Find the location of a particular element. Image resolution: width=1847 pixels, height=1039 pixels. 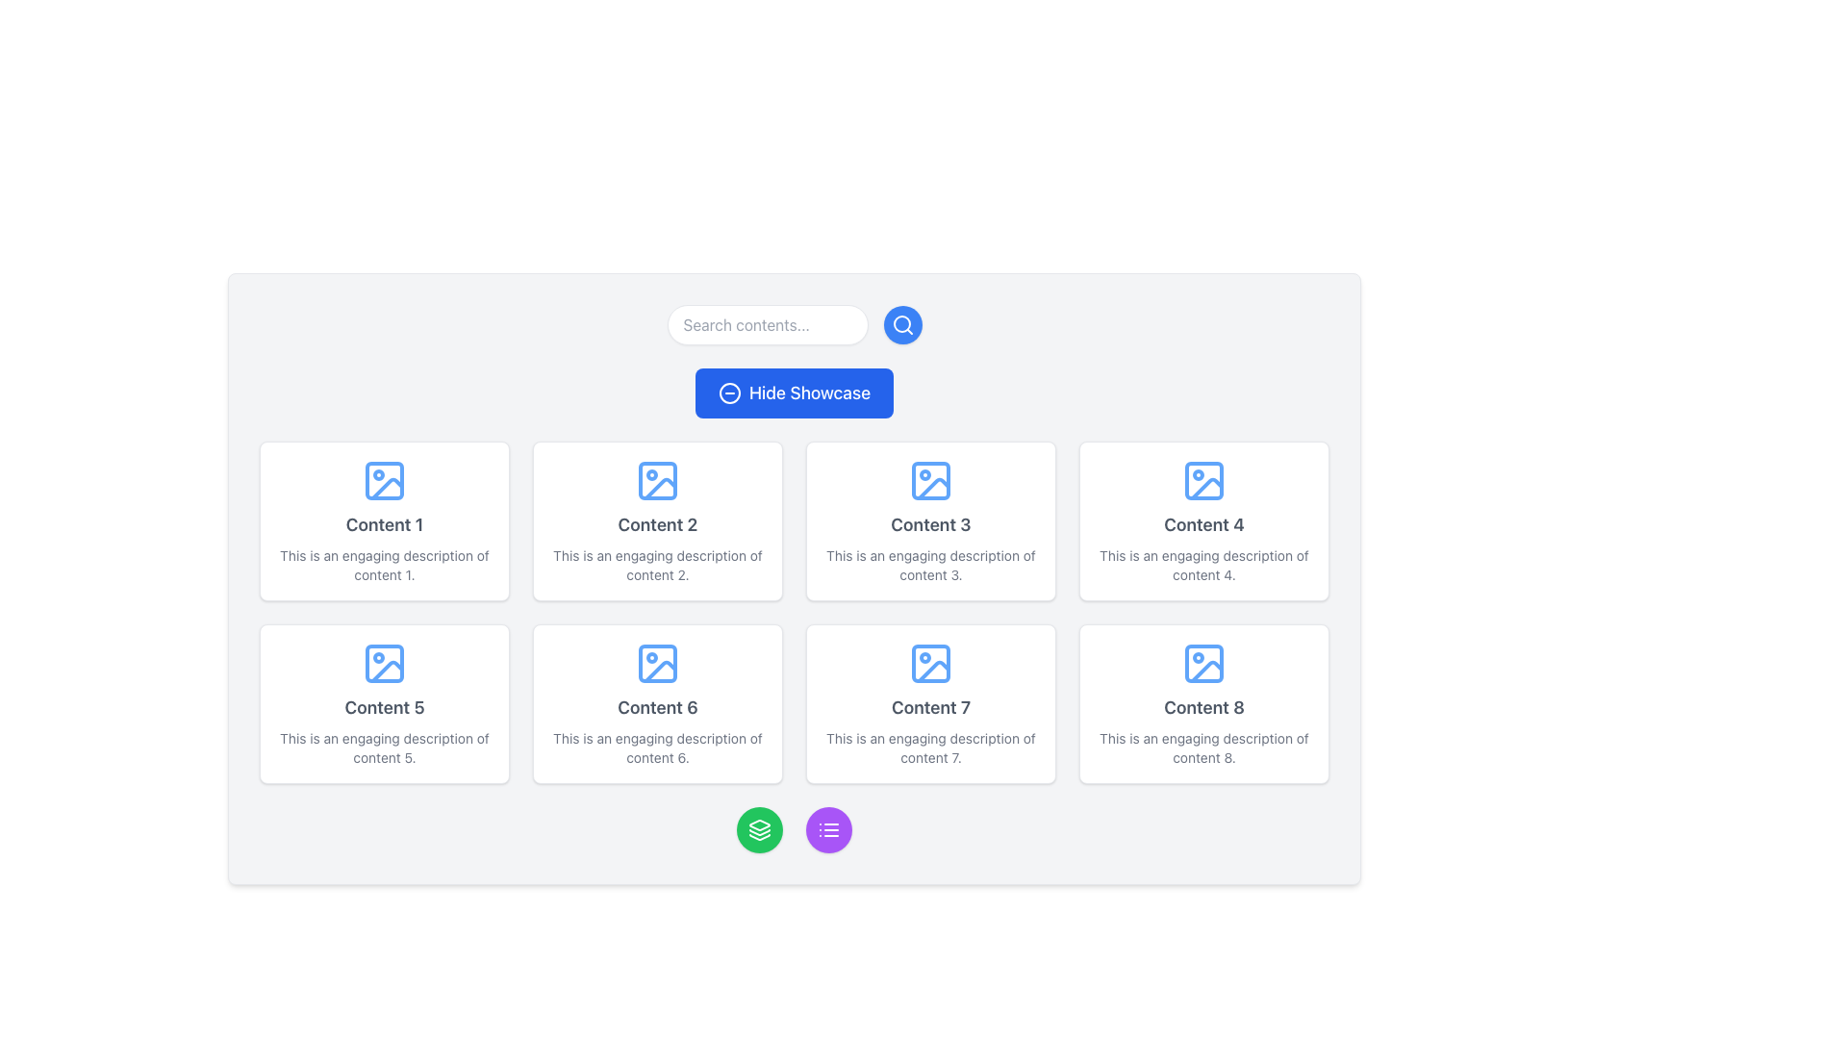

the text label displaying 'Content 3' which is located in the second row and second column of the card display grid, beneath a blue icon and above descriptive text is located at coordinates (931, 525).